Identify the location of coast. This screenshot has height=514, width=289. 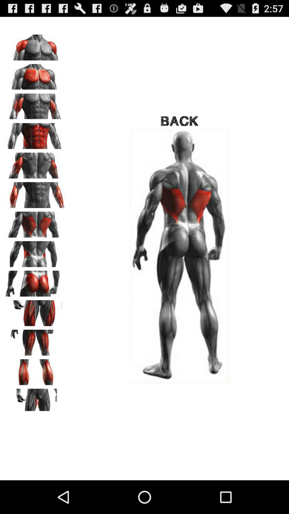
(35, 163).